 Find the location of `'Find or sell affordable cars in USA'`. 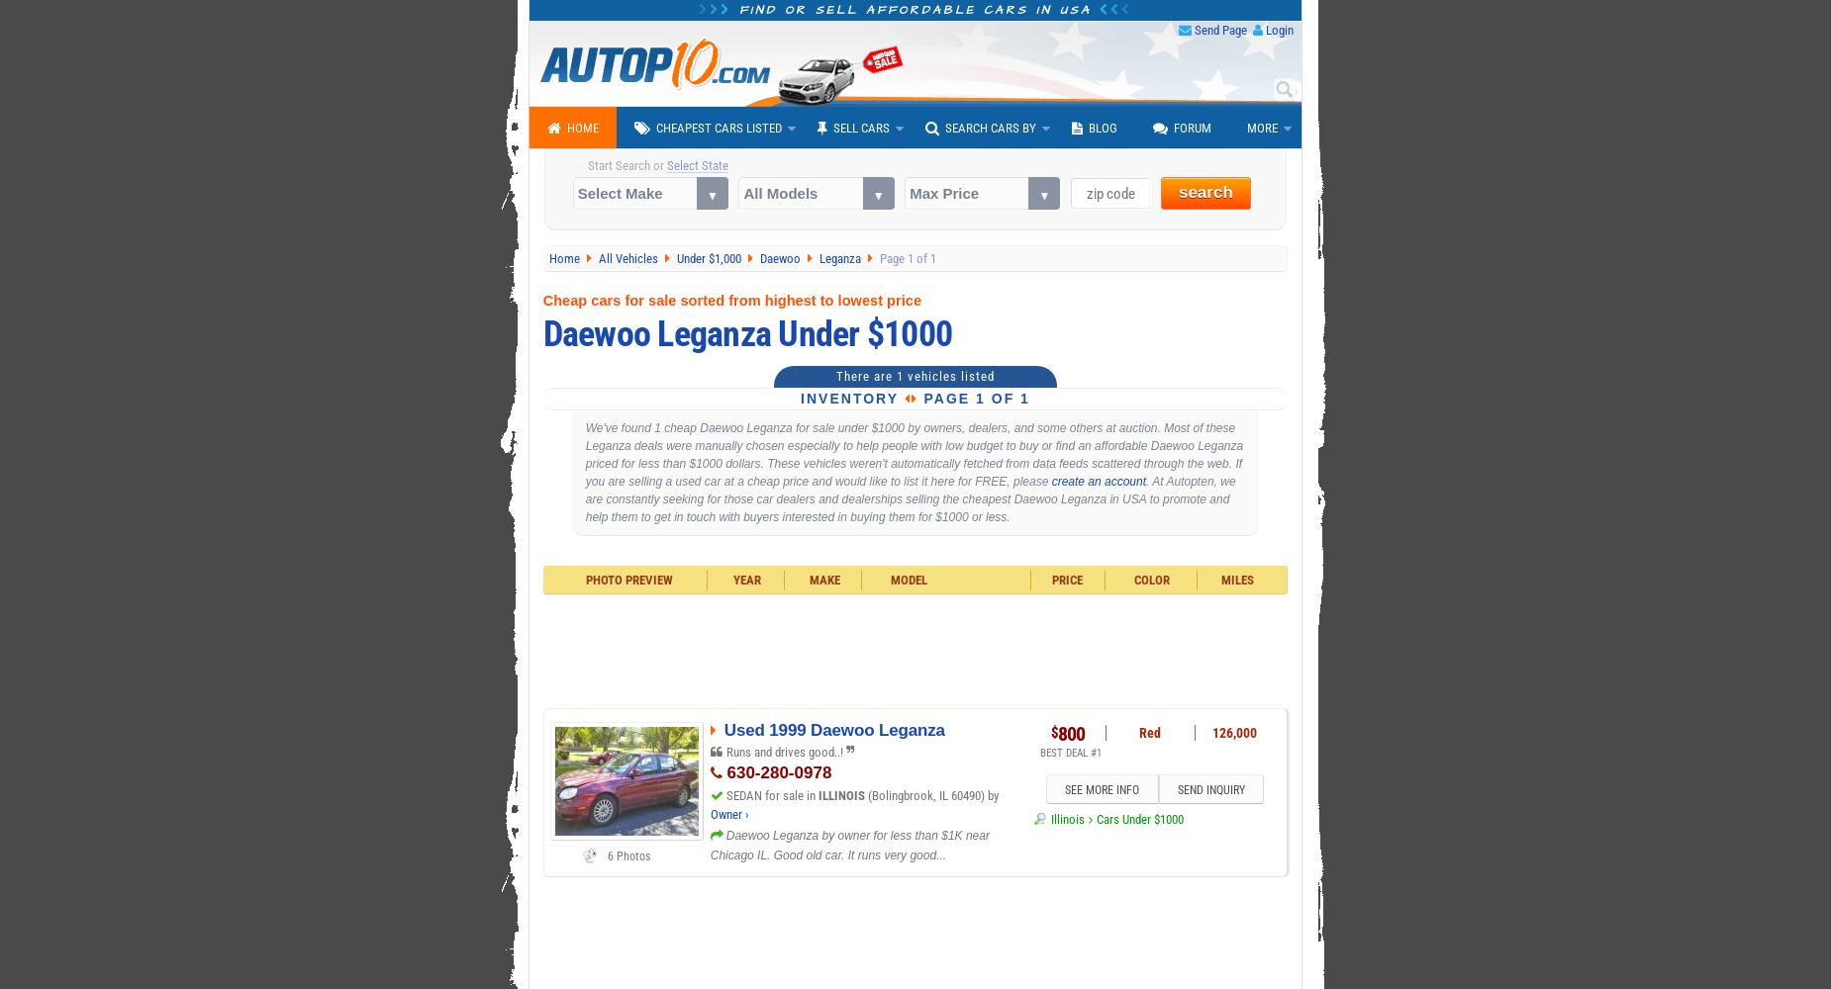

'Find or sell affordable cars in USA' is located at coordinates (915, 10).